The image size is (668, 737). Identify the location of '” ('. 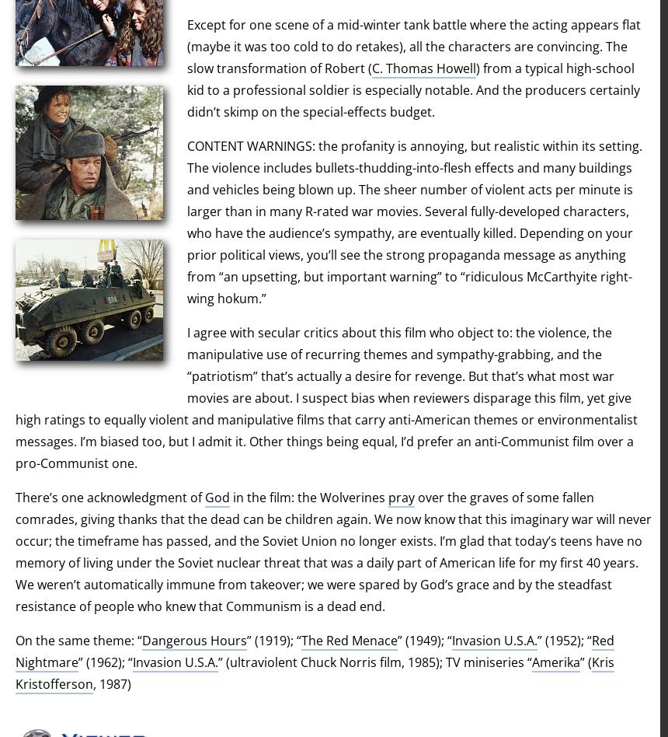
(579, 661).